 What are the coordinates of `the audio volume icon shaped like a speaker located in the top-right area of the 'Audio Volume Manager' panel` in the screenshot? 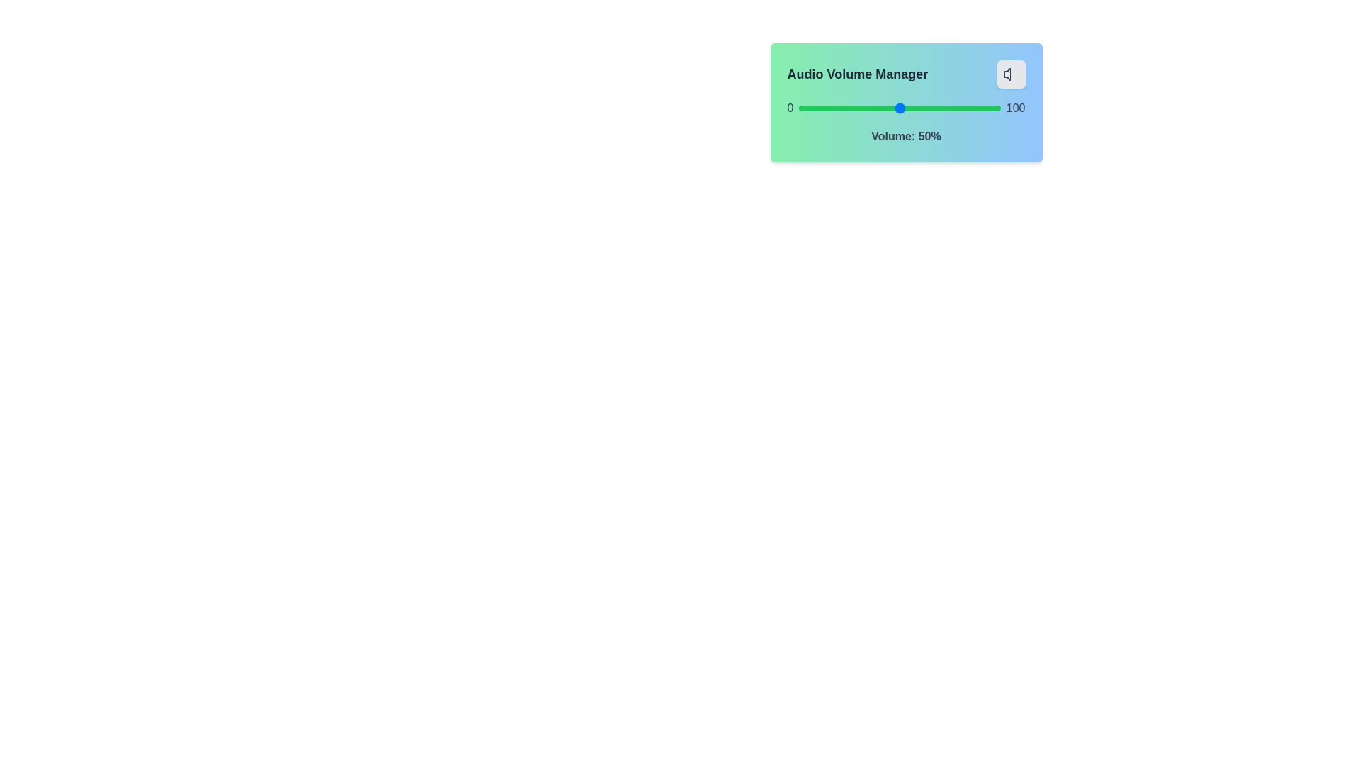 It's located at (1010, 74).